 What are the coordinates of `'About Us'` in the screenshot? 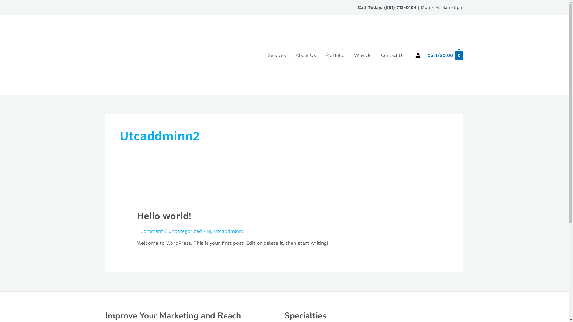 It's located at (306, 55).